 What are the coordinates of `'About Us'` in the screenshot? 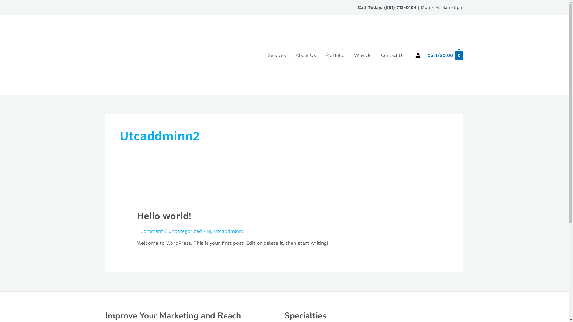 It's located at (306, 55).